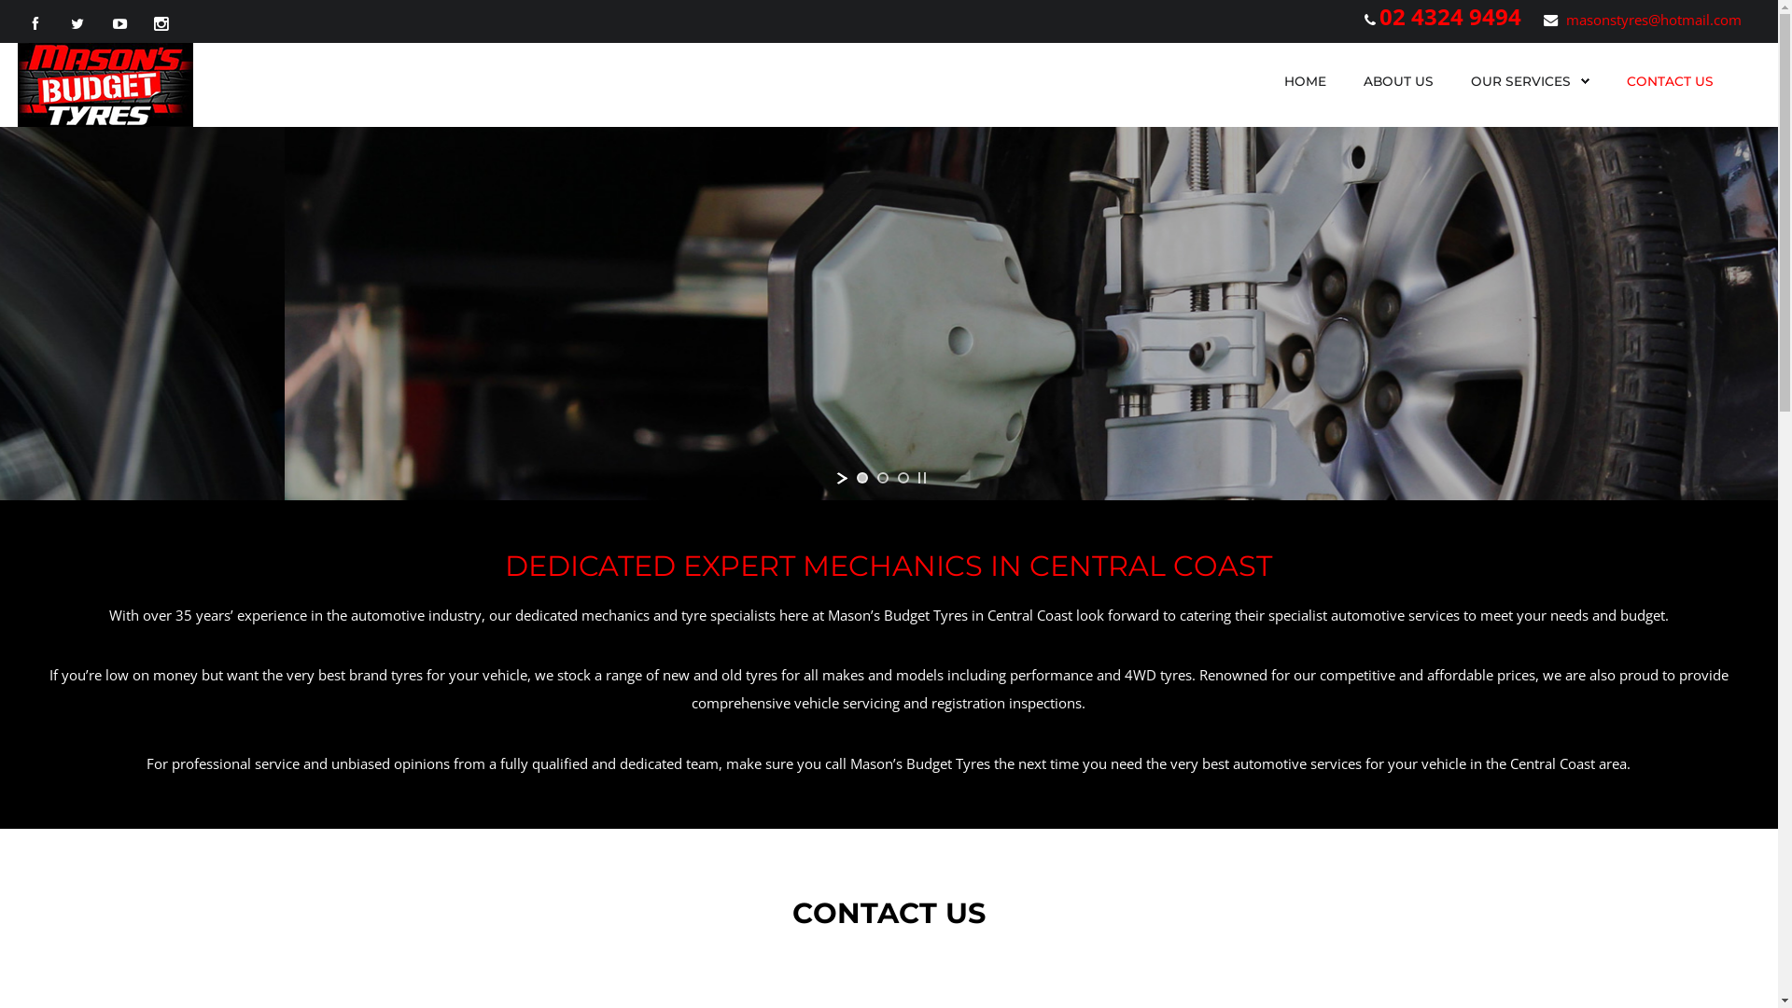  I want to click on '02 4324 9494', so click(1449, 16).